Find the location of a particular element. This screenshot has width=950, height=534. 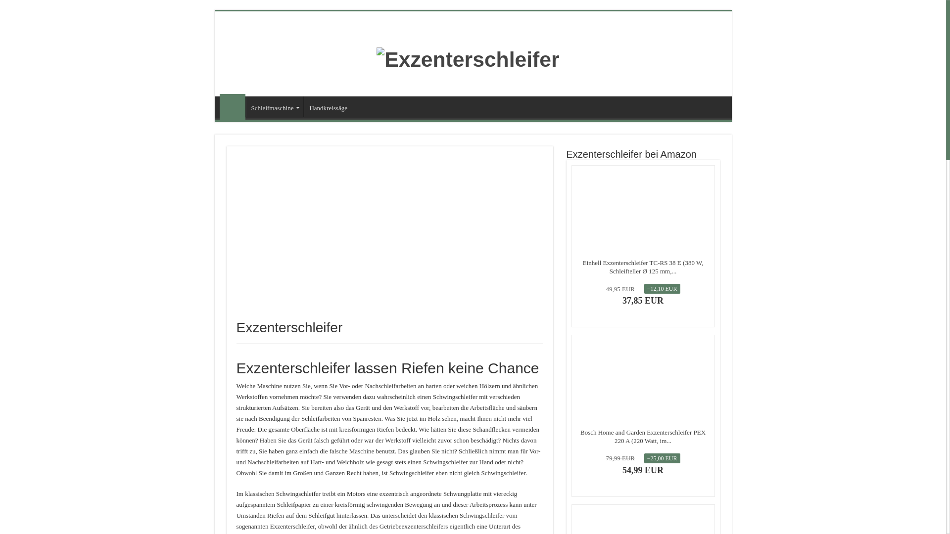

'Bewertungen auf Amazon' is located at coordinates (643, 419).